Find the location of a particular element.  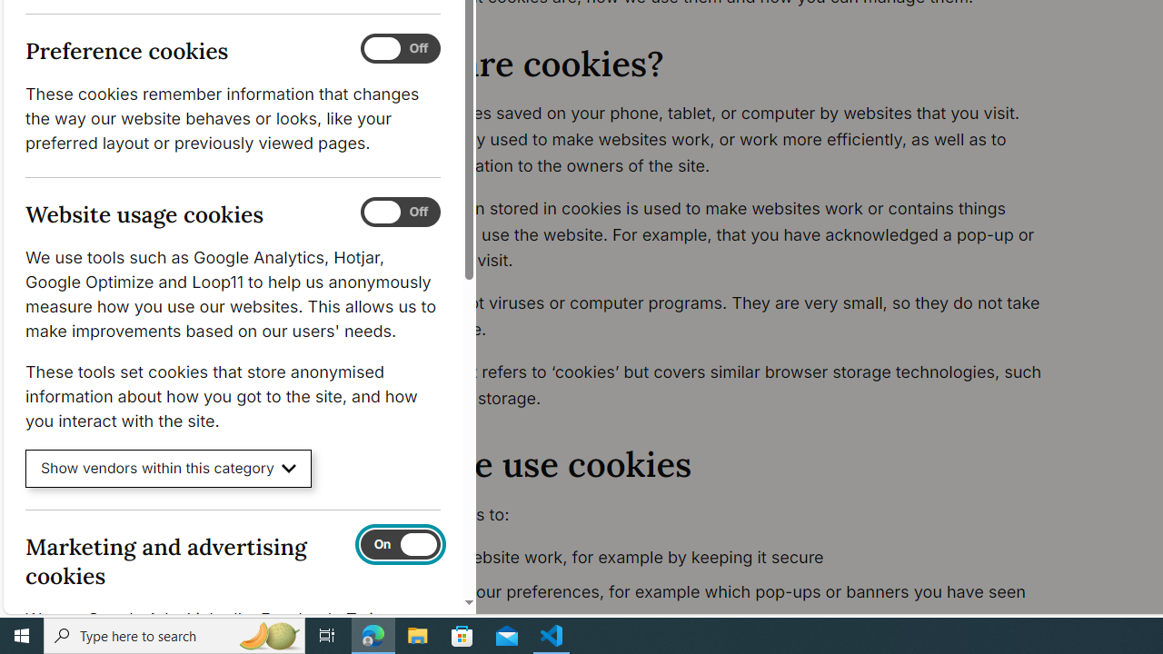

'Show vendors within this category' is located at coordinates (168, 468).